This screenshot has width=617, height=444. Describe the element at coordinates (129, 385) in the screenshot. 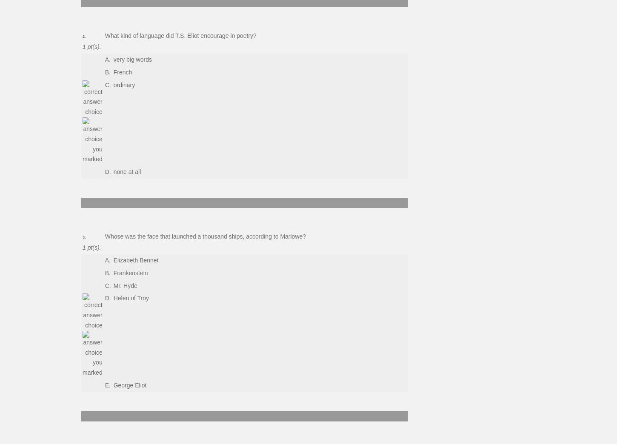

I see `'George Eliot'` at that location.